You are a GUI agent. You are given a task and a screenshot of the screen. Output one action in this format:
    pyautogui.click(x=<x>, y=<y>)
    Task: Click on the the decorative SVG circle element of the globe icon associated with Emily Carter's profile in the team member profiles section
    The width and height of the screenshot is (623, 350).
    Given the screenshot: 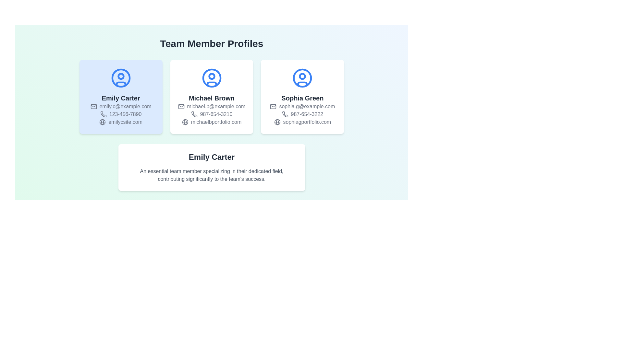 What is the action you would take?
    pyautogui.click(x=102, y=122)
    